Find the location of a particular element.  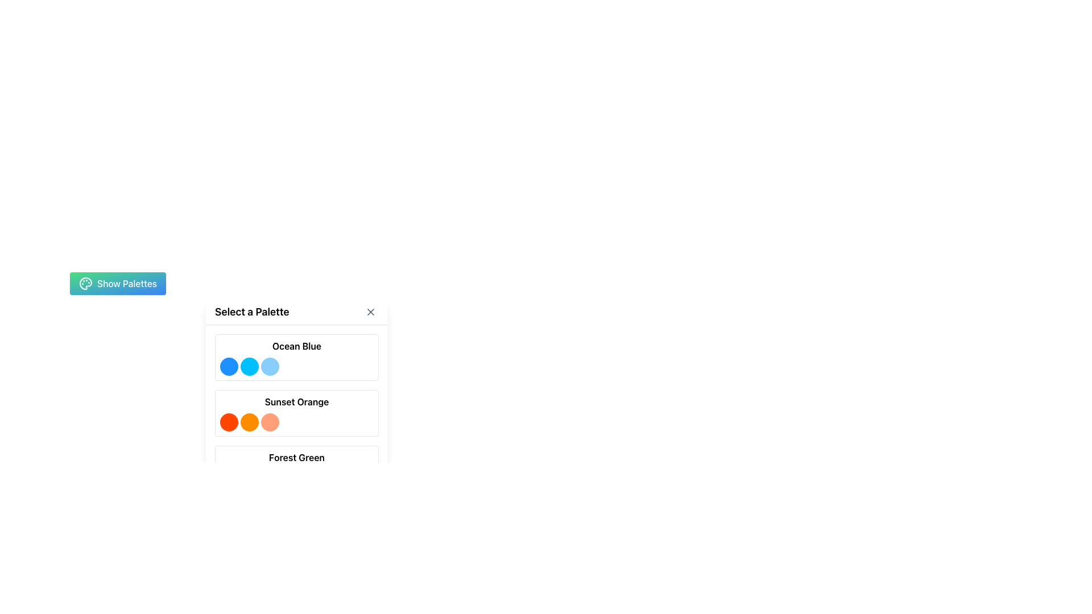

the first circular color selection indicator under the 'Sunset Orange' palette is located at coordinates (229, 422).